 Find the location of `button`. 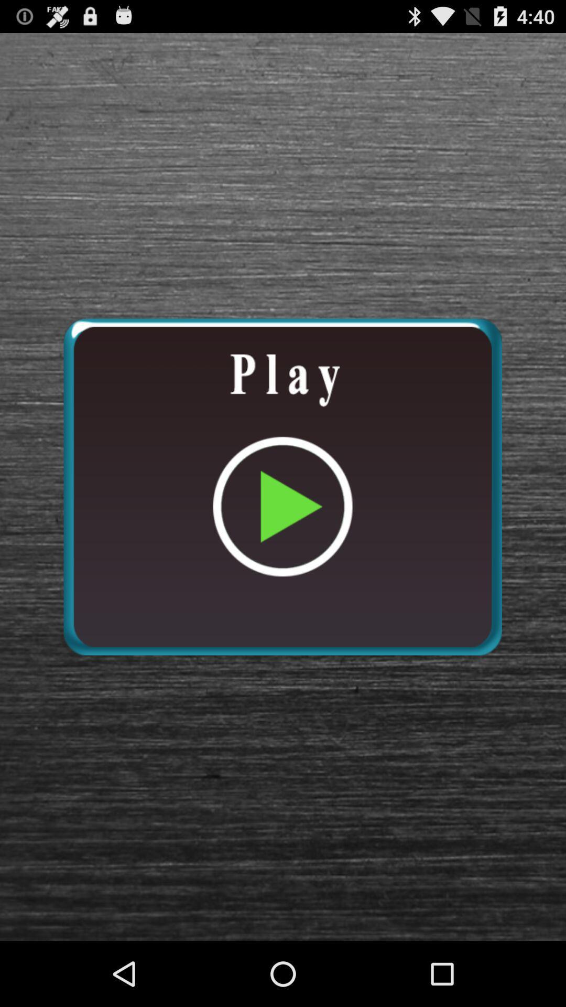

button is located at coordinates (282, 486).